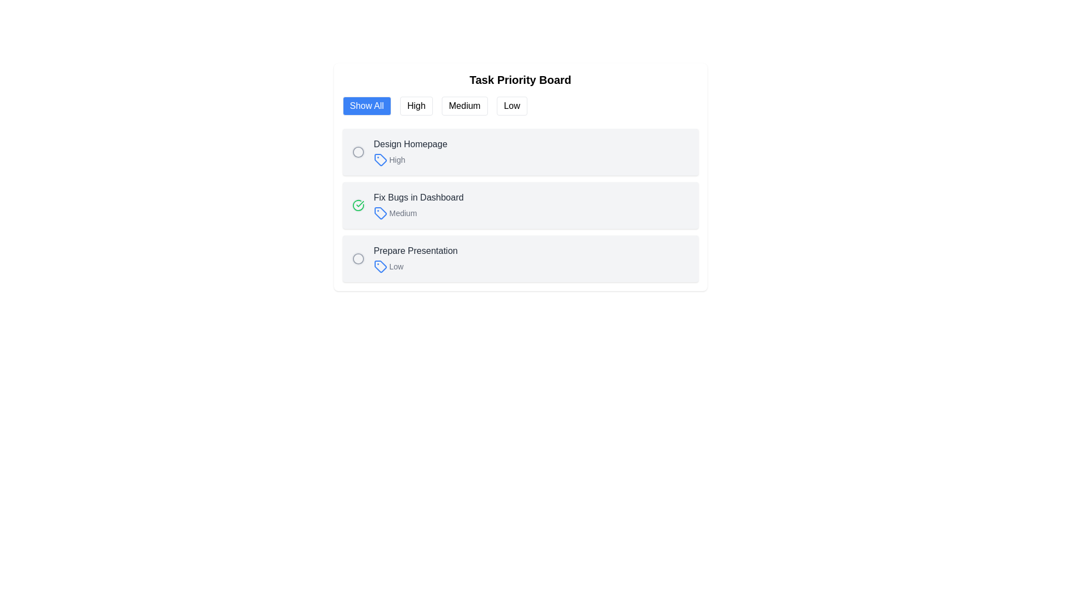 This screenshot has height=600, width=1067. I want to click on the 'Low' priority icon for the 'Prepare Presentation' task, located in the bottom section of the task list, so click(380, 266).